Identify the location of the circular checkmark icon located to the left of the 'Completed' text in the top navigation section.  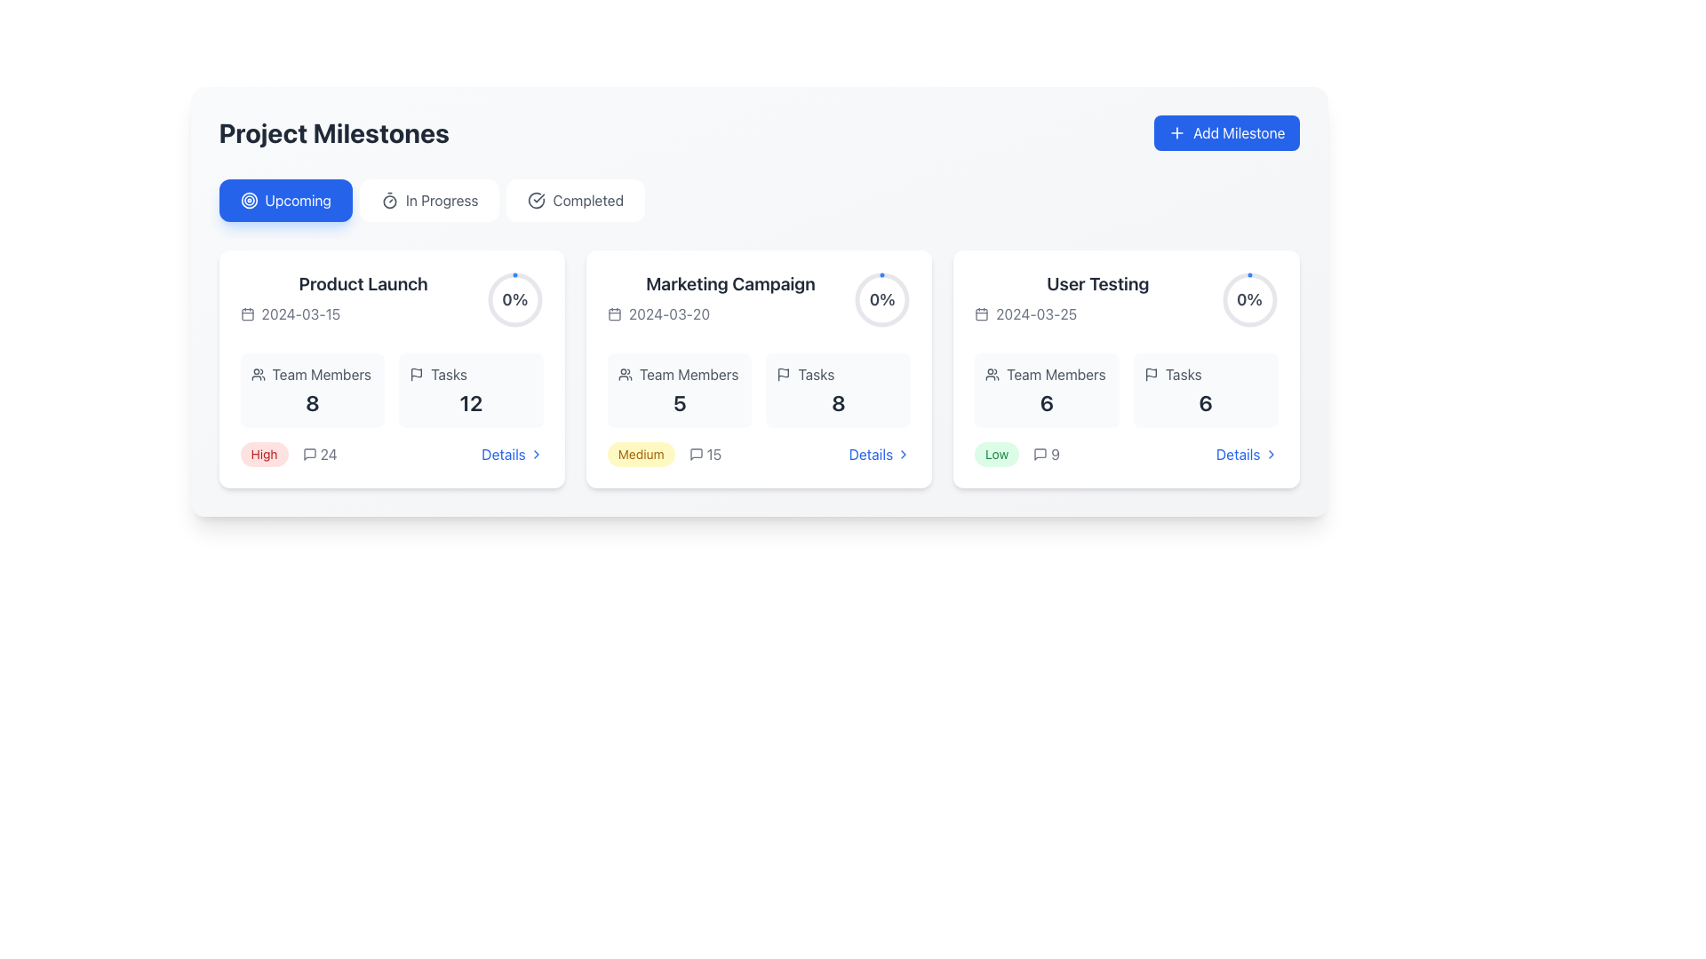
(536, 200).